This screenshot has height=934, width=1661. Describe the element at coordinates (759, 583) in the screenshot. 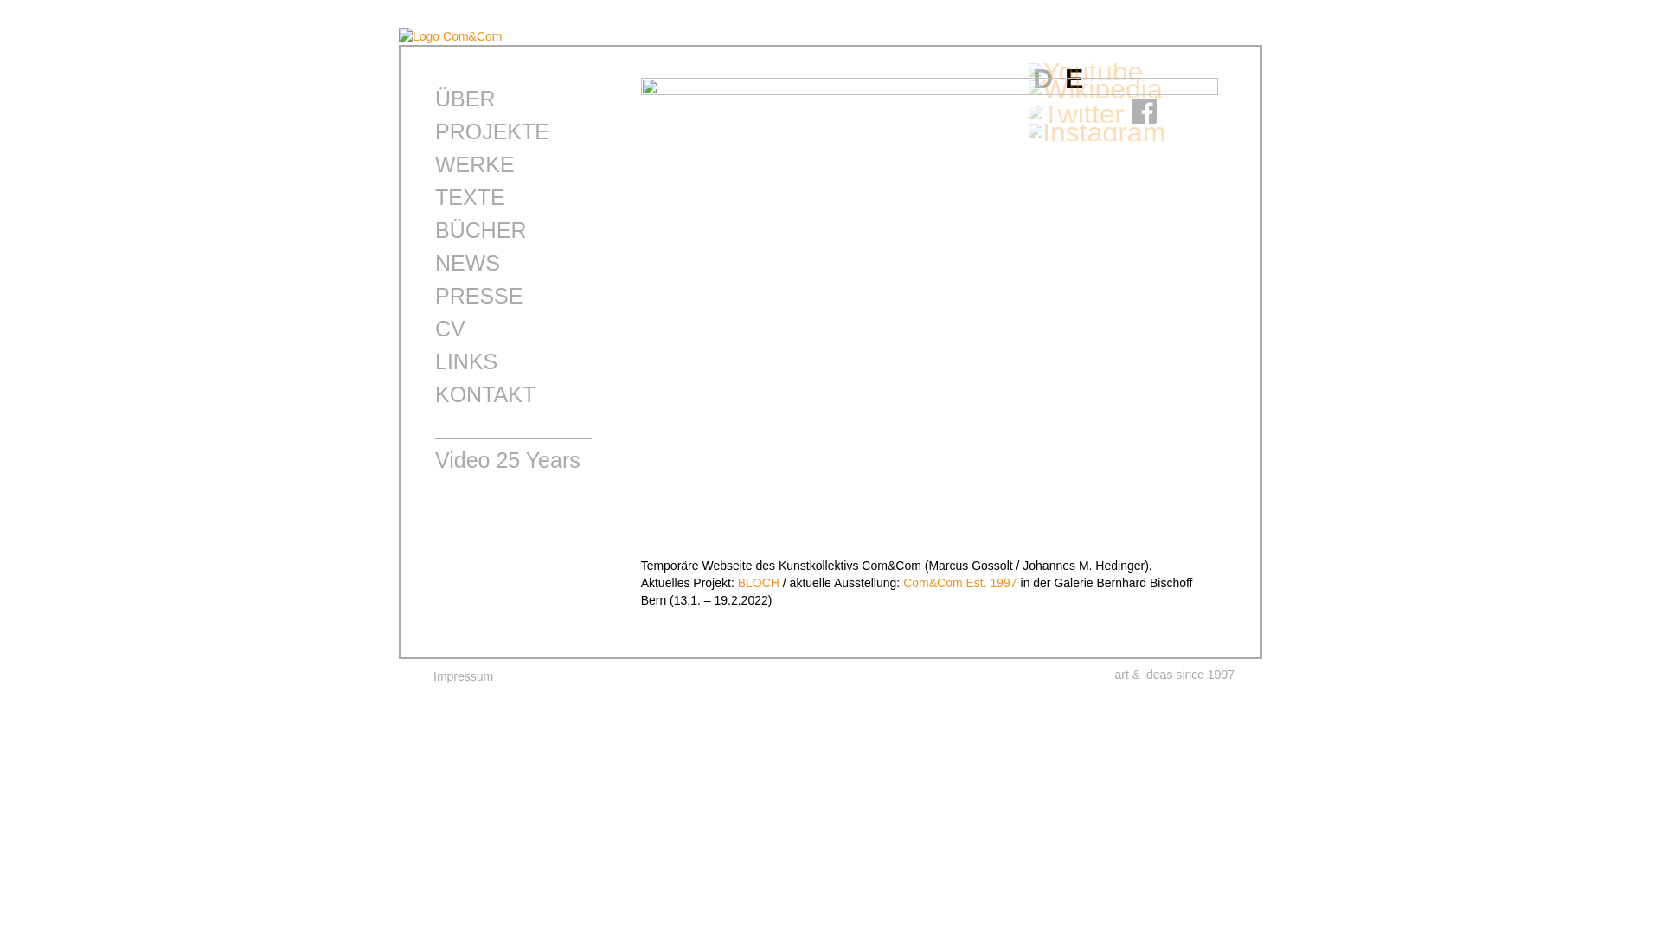

I see `'BLOCH'` at that location.